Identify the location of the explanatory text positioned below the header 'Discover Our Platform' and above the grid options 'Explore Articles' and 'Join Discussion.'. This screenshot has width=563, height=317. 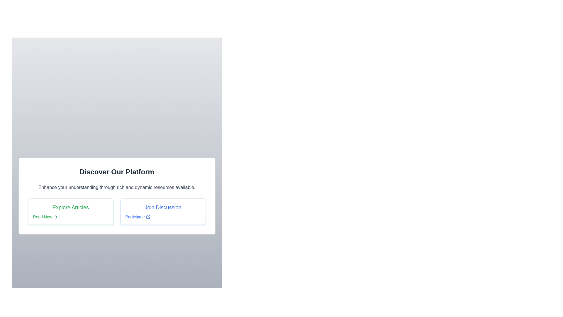
(117, 188).